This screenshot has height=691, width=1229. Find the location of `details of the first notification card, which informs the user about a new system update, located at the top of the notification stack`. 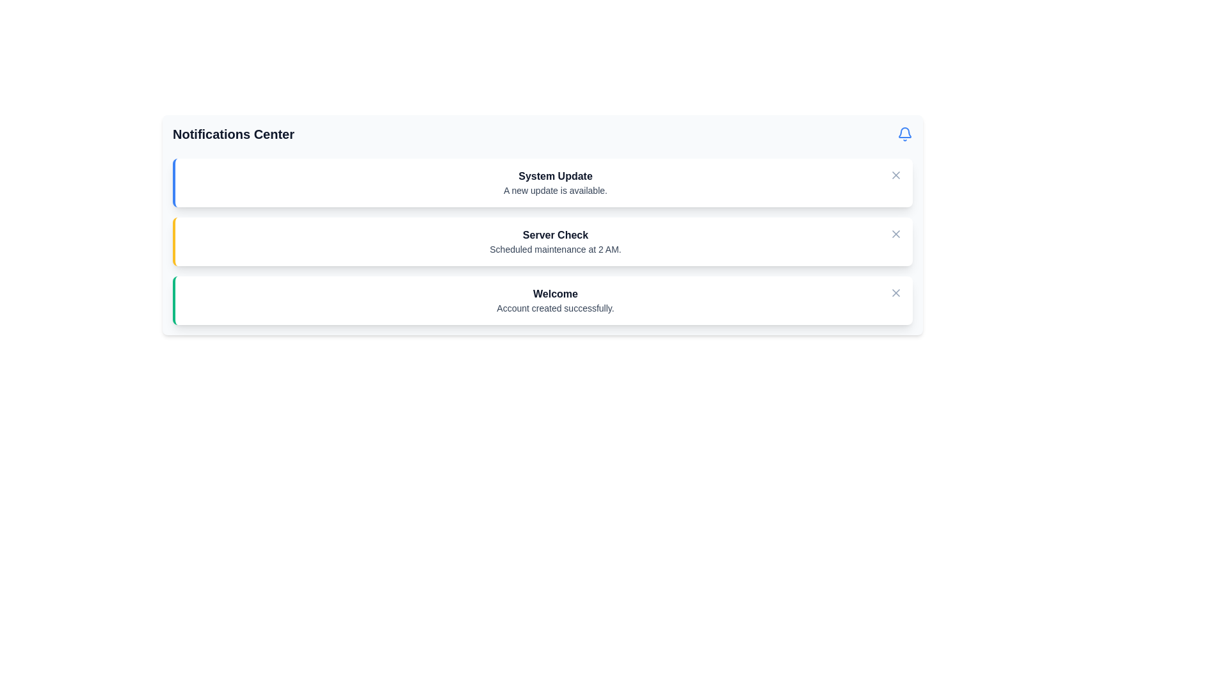

details of the first notification card, which informs the user about a new system update, located at the top of the notification stack is located at coordinates (543, 182).